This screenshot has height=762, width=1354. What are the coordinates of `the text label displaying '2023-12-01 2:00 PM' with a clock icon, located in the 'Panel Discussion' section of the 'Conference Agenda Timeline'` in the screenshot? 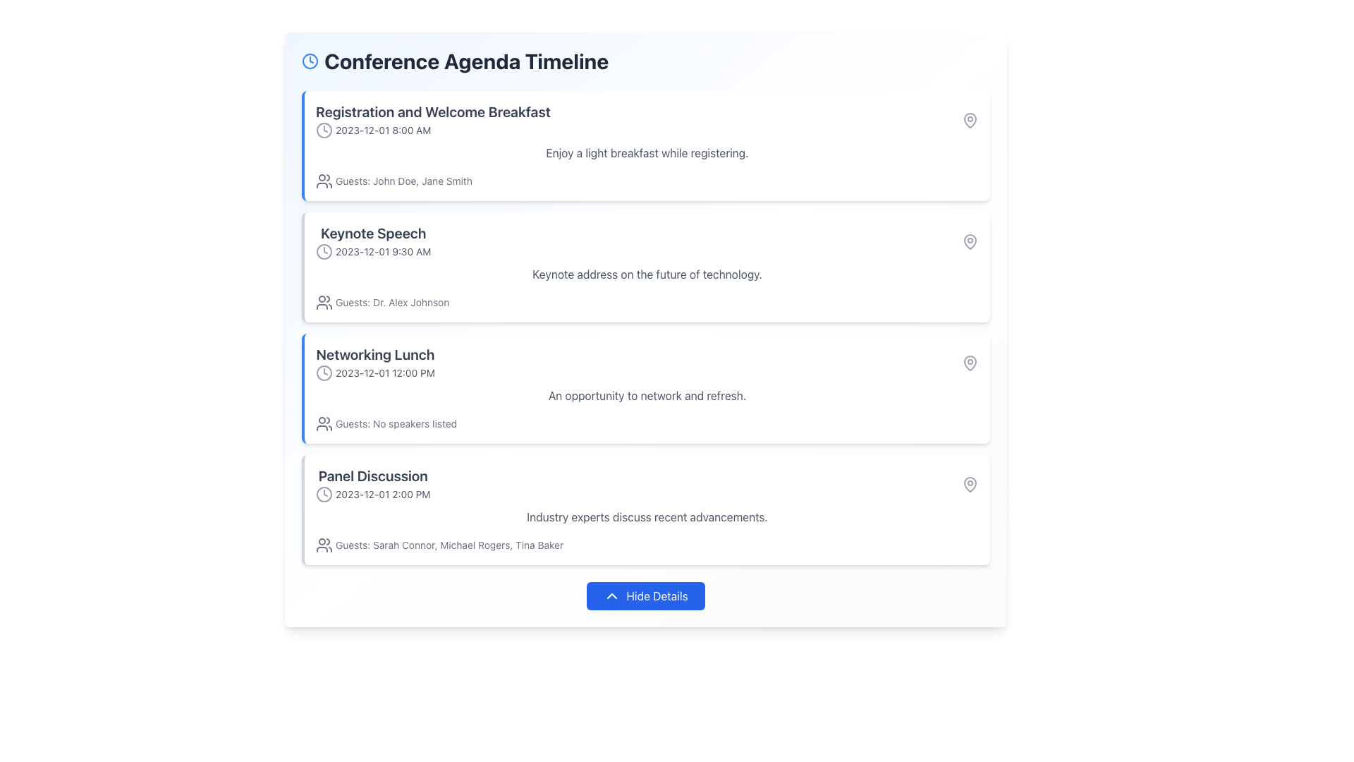 It's located at (373, 494).